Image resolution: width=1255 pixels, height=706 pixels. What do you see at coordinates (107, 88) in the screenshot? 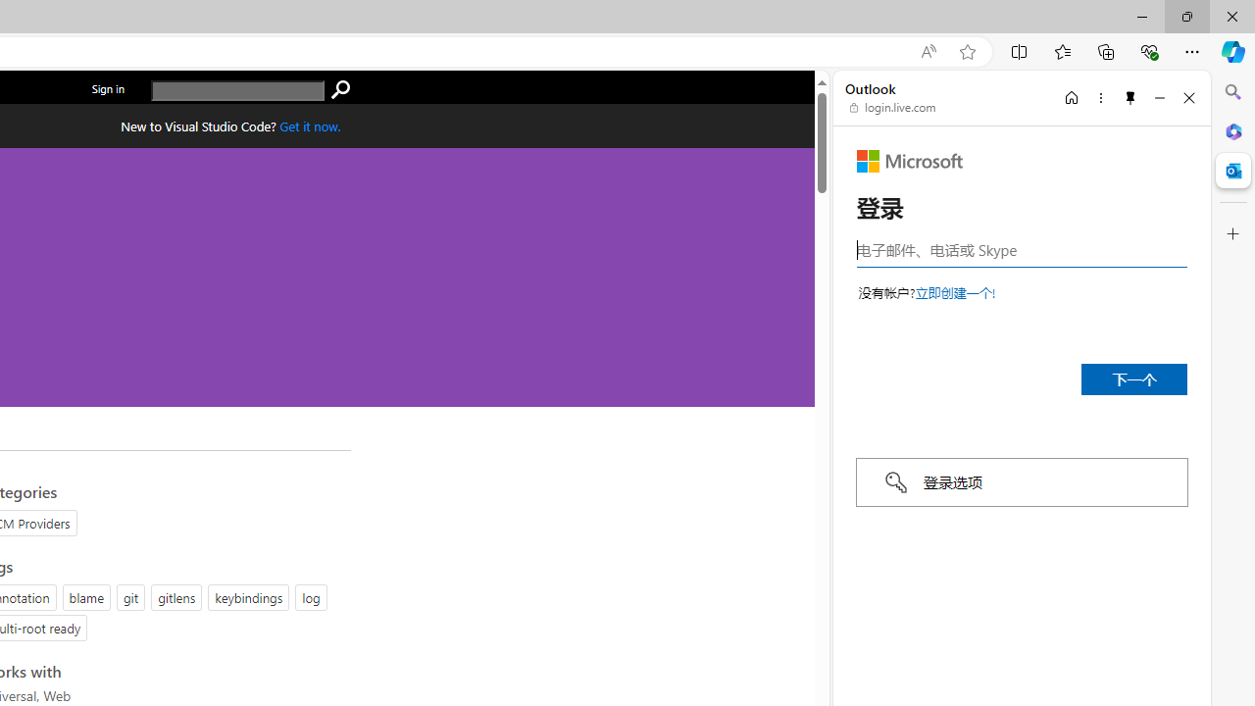
I see `'Sign in'` at bounding box center [107, 88].